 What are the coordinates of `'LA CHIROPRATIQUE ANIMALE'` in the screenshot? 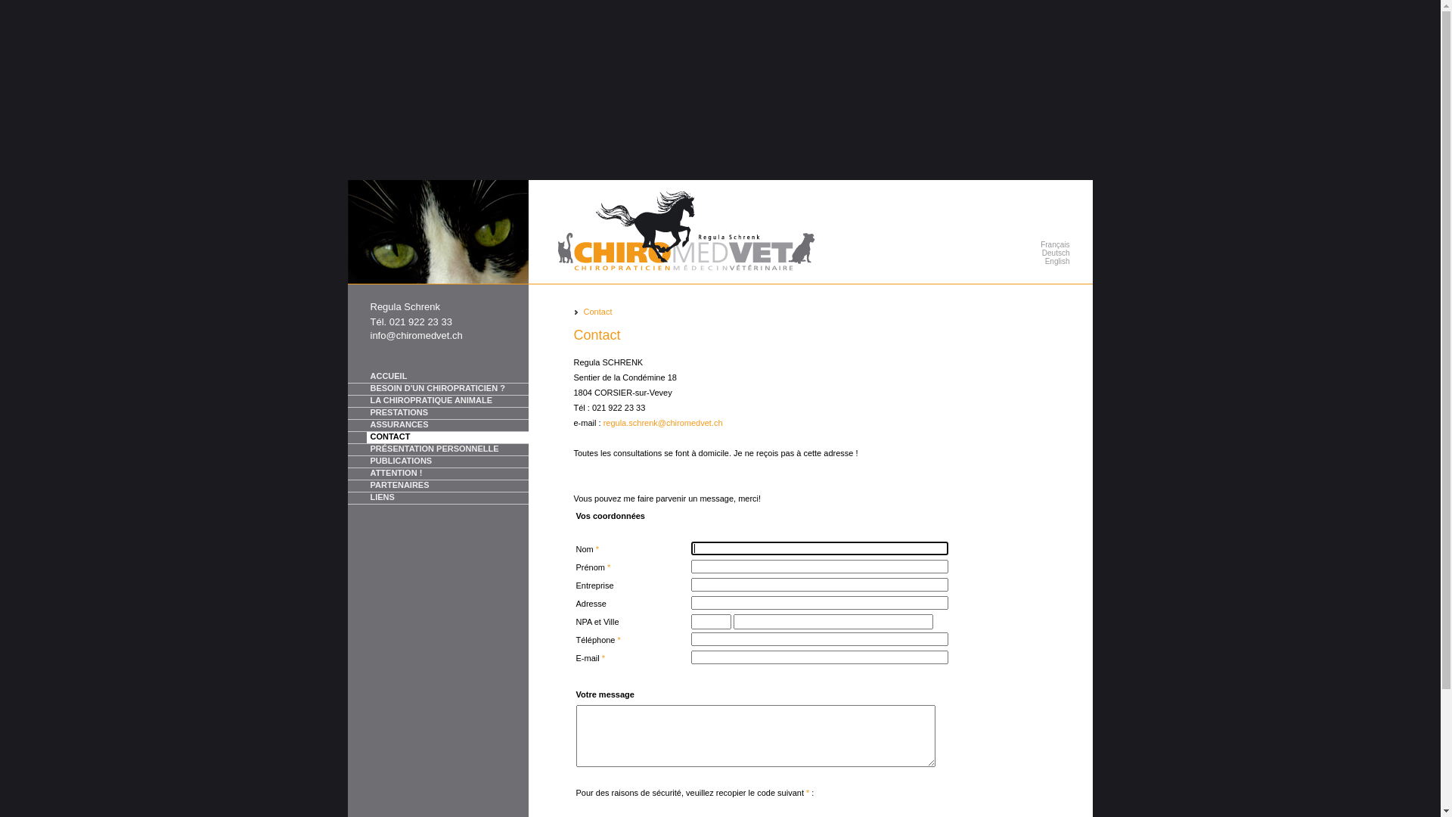 It's located at (366, 400).